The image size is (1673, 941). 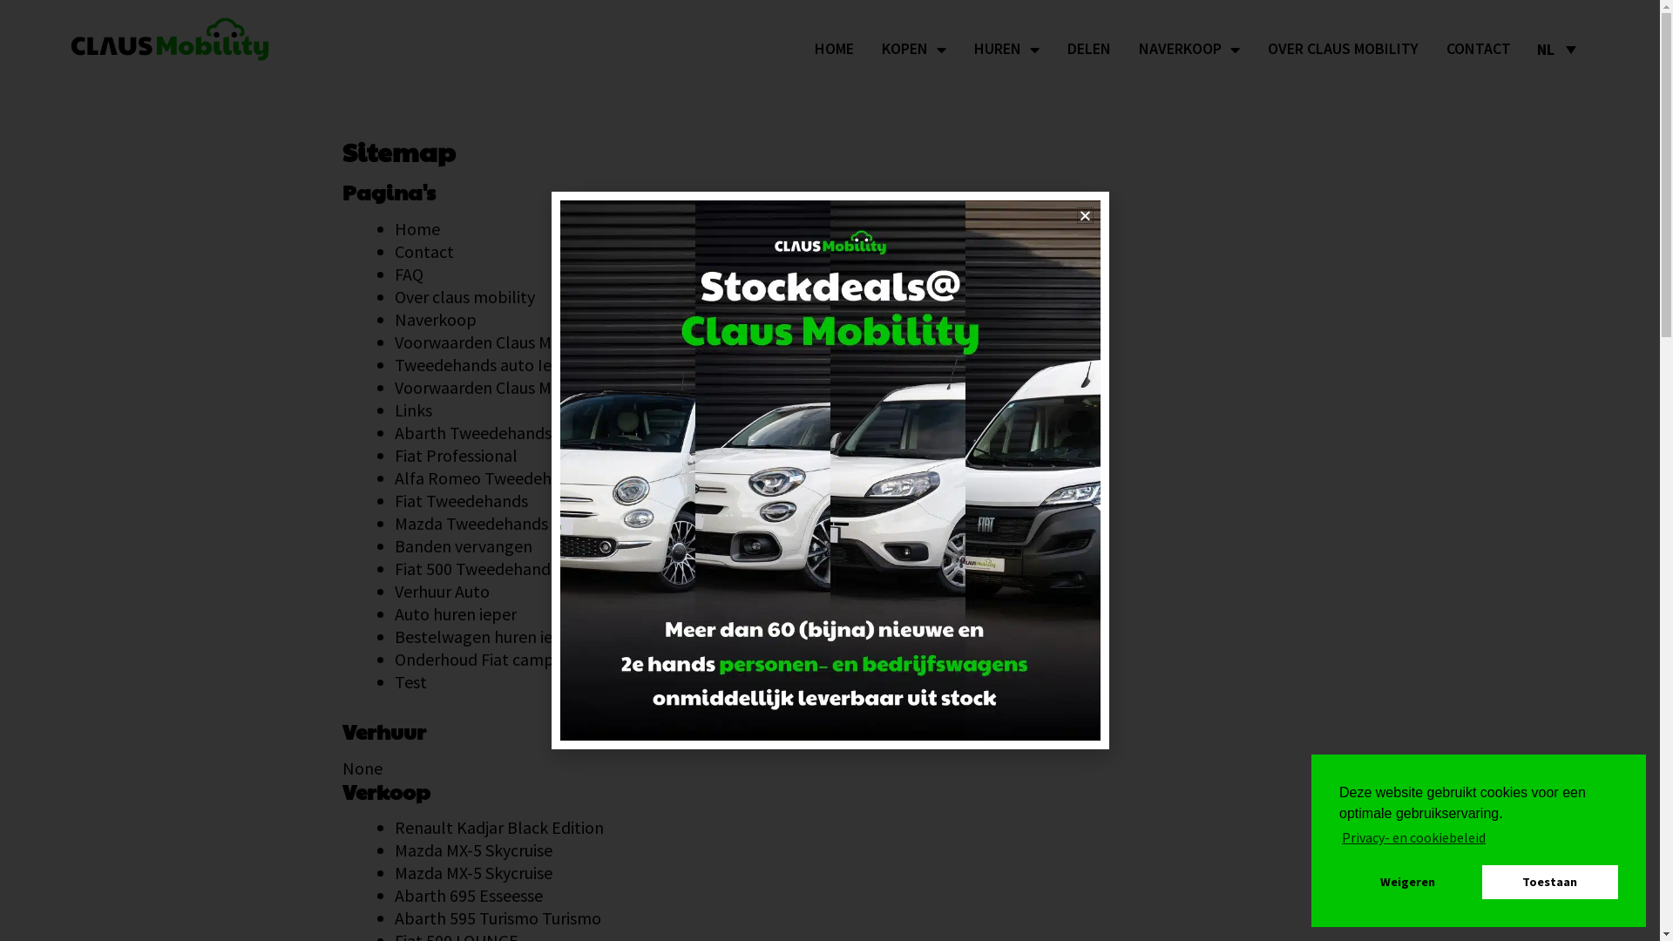 What do you see at coordinates (392, 500) in the screenshot?
I see `'Fiat Tweedehands'` at bounding box center [392, 500].